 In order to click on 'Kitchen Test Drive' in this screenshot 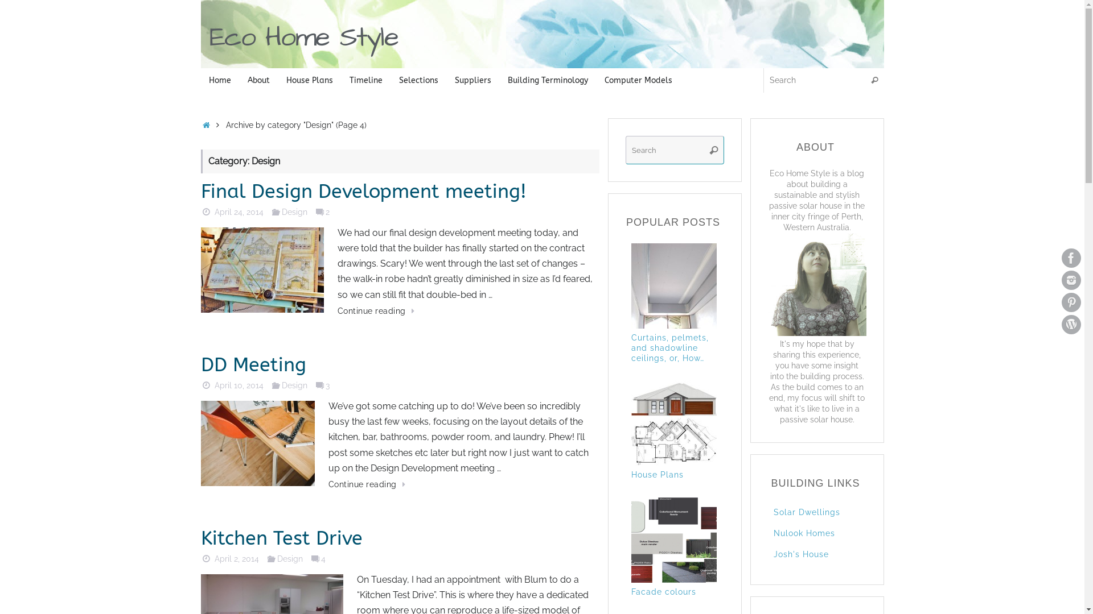, I will do `click(200, 538)`.